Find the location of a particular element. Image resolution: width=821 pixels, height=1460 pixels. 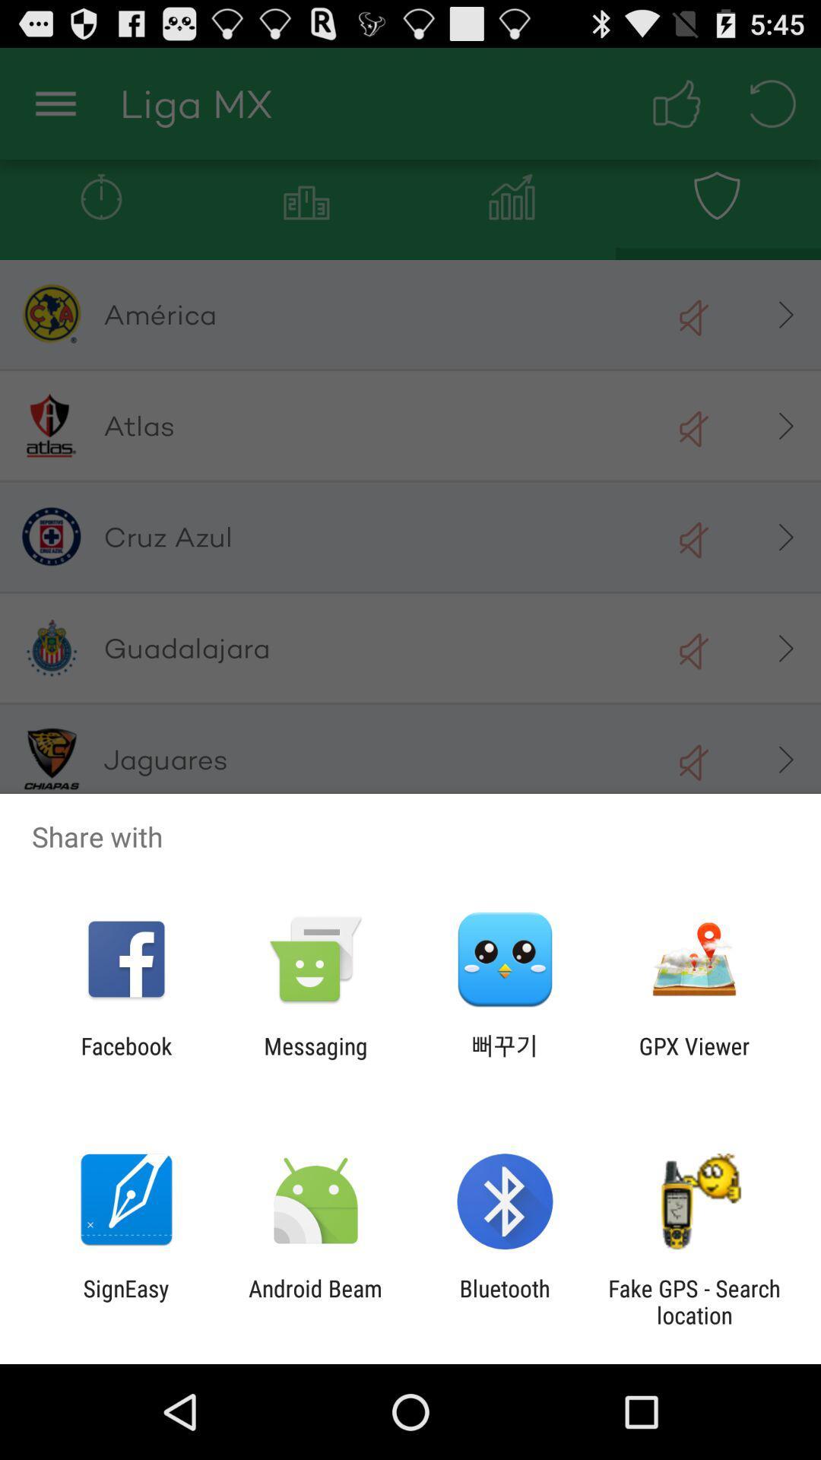

the facebook icon is located at coordinates (125, 1058).